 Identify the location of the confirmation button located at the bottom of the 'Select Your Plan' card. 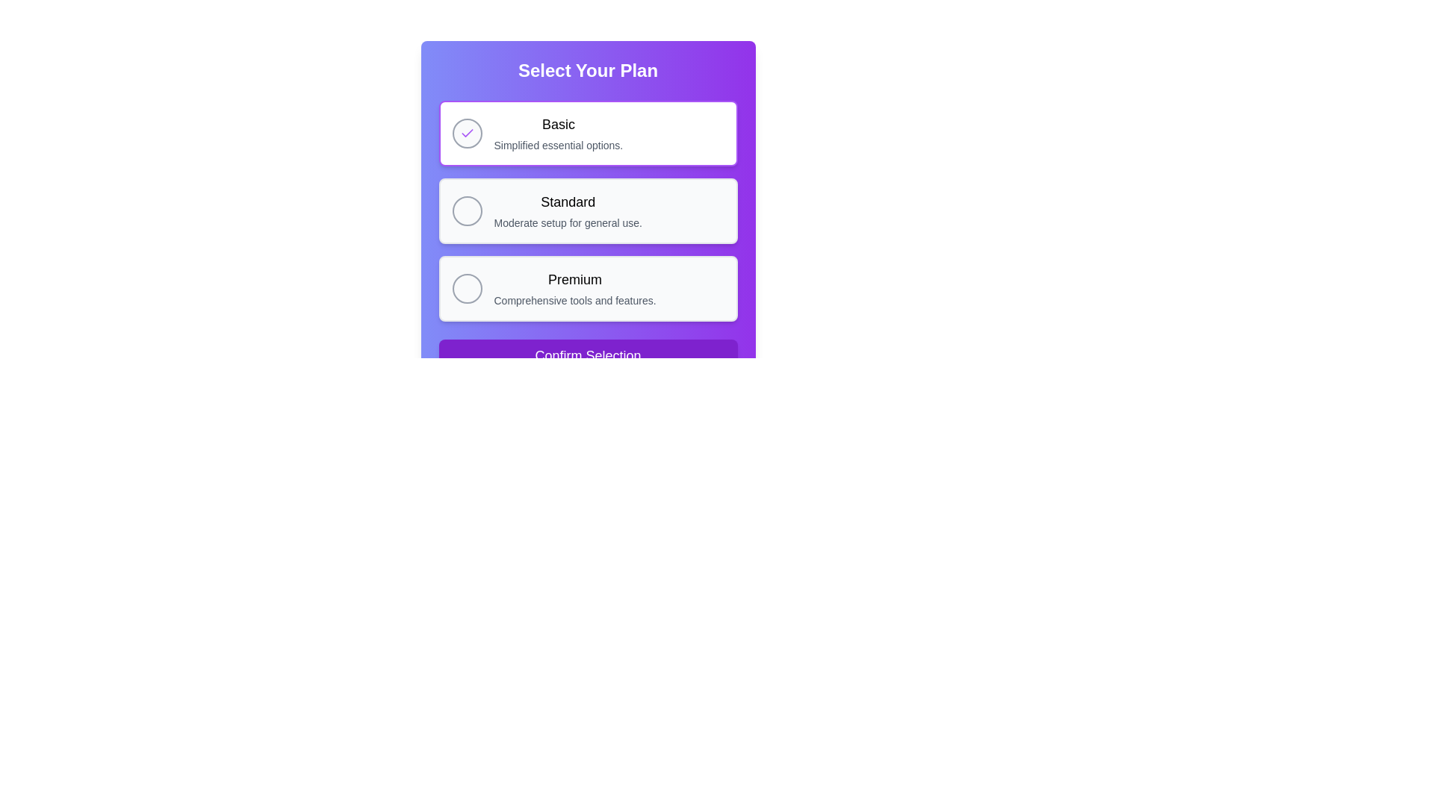
(587, 356).